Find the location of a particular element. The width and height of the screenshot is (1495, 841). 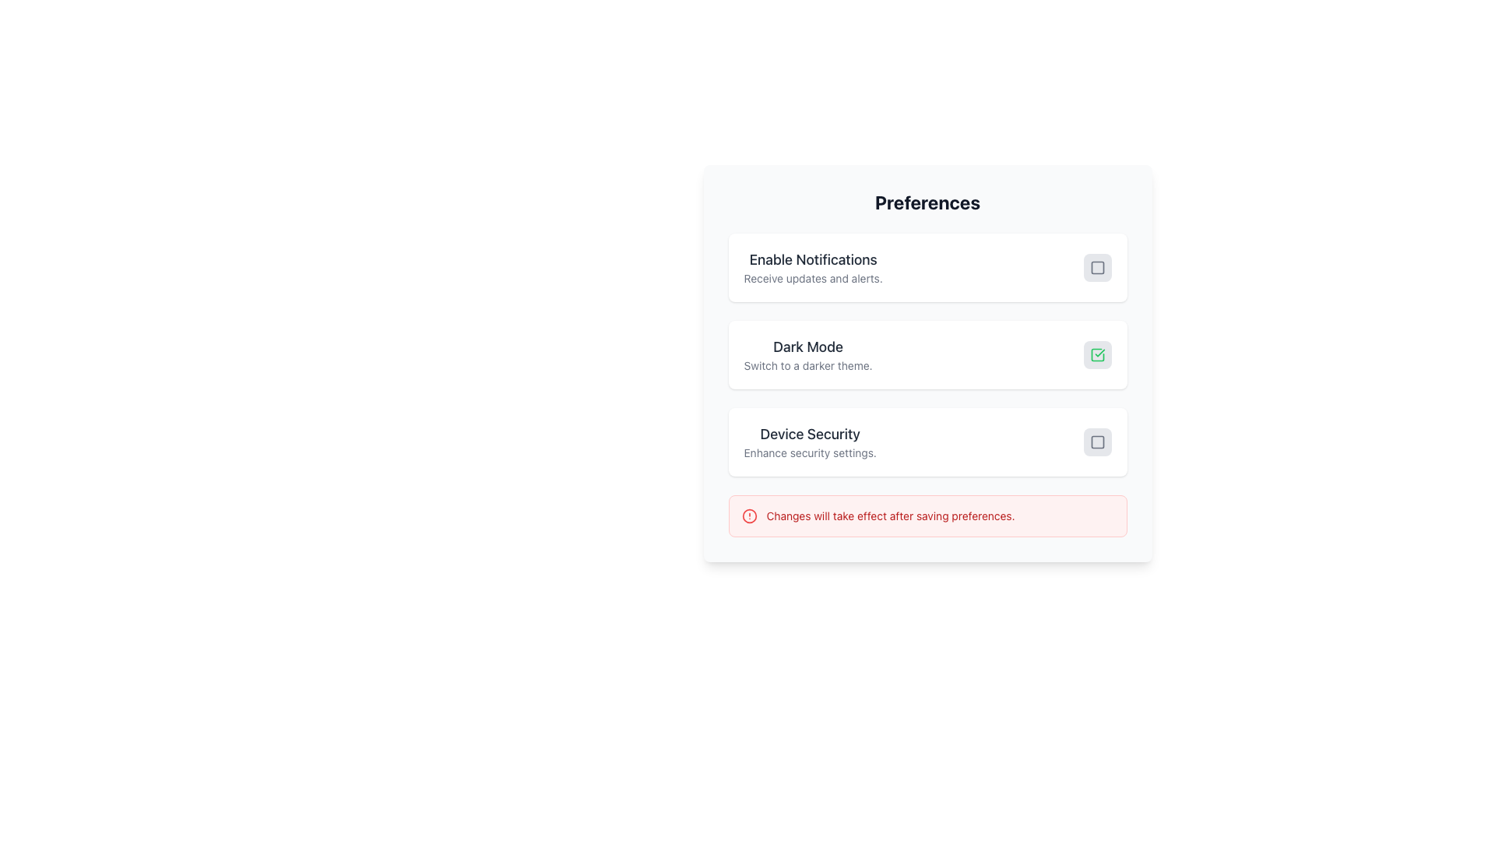

the descriptive text label for the 'Device Security' section located below the title 'Device Security' in the preferences menu is located at coordinates (810, 453).